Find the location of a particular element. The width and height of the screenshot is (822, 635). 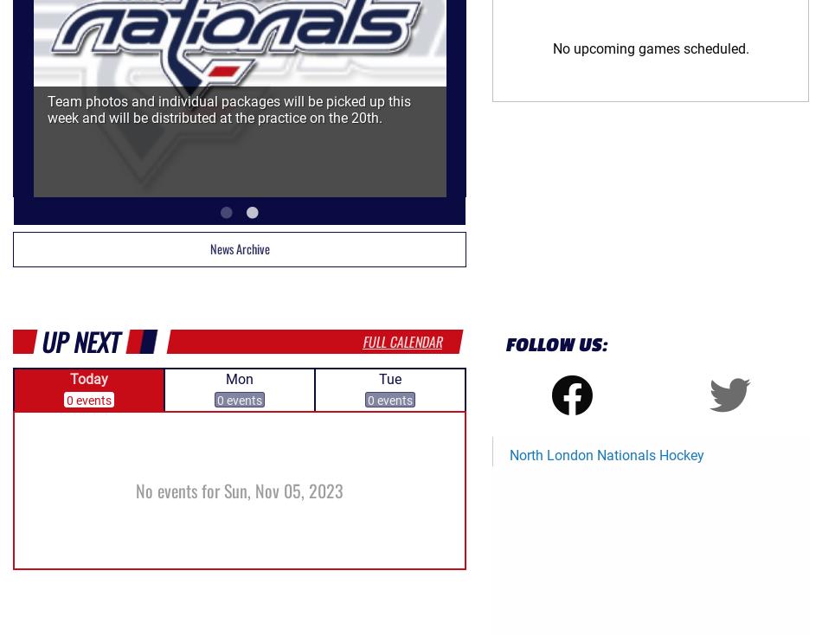

'Up Next' is located at coordinates (80, 340).